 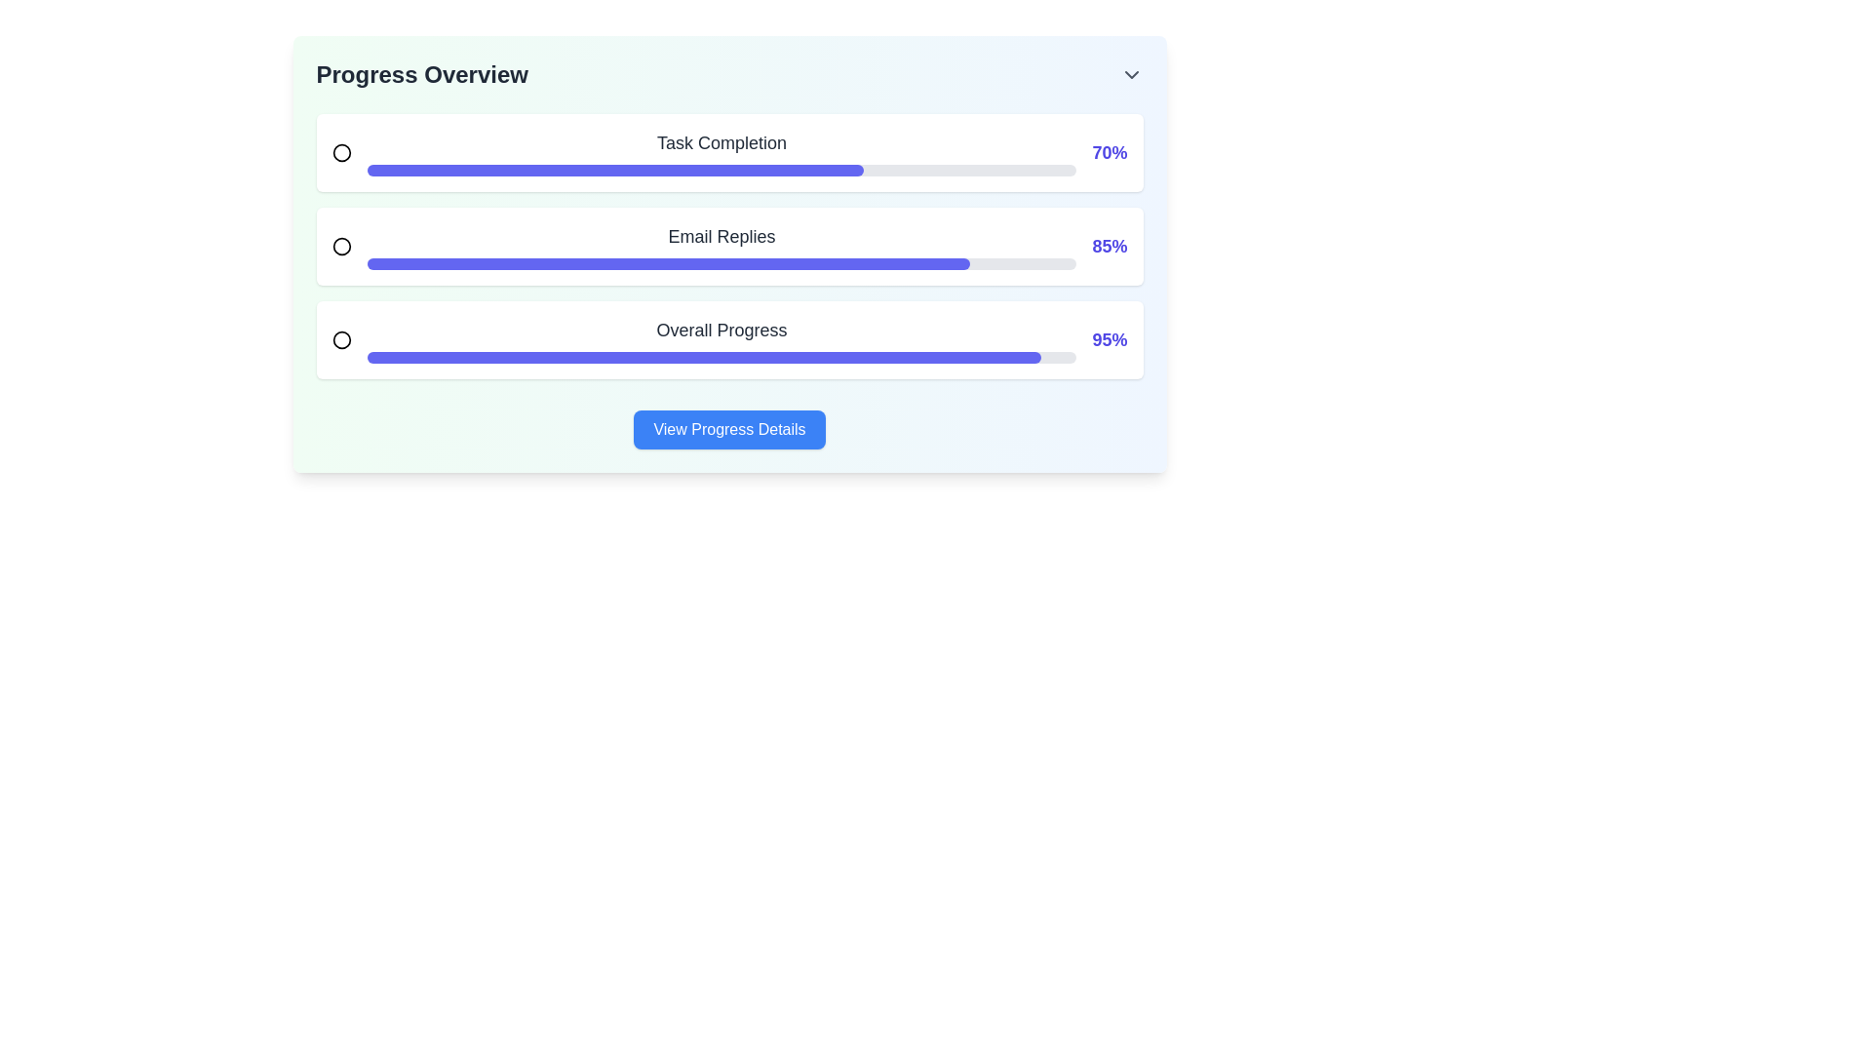 What do you see at coordinates (341, 338) in the screenshot?
I see `the informative or decorative circular icon associated with the 'Overall Progress' section, located before the progress bar and percentage text` at bounding box center [341, 338].